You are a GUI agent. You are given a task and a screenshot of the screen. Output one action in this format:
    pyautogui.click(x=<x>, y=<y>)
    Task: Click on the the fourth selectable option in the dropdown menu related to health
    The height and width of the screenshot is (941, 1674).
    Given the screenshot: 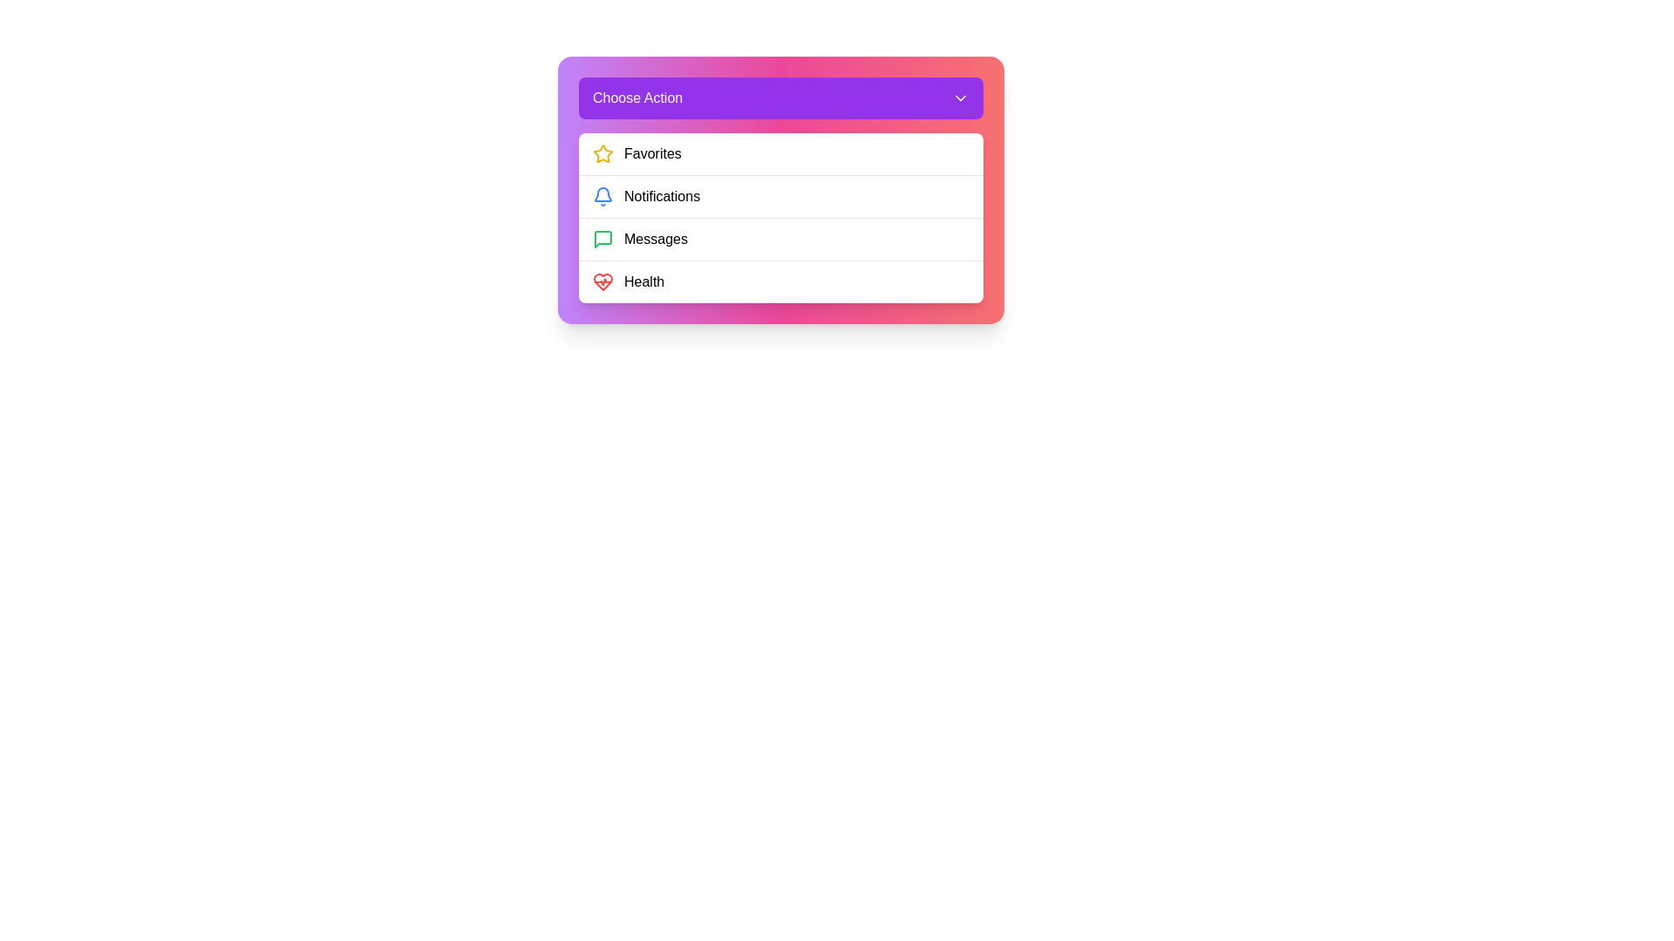 What is the action you would take?
    pyautogui.click(x=780, y=281)
    